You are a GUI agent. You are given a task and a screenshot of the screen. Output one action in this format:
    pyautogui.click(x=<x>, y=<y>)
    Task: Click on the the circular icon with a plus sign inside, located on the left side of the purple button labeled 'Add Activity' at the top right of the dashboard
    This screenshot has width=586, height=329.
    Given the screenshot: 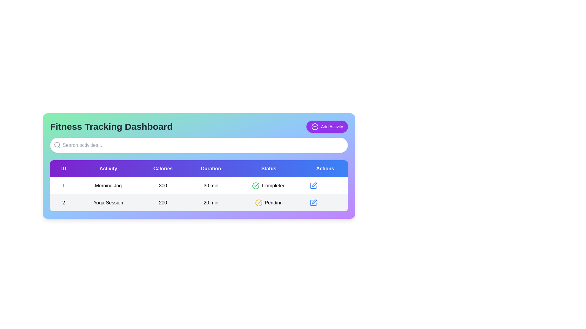 What is the action you would take?
    pyautogui.click(x=315, y=126)
    